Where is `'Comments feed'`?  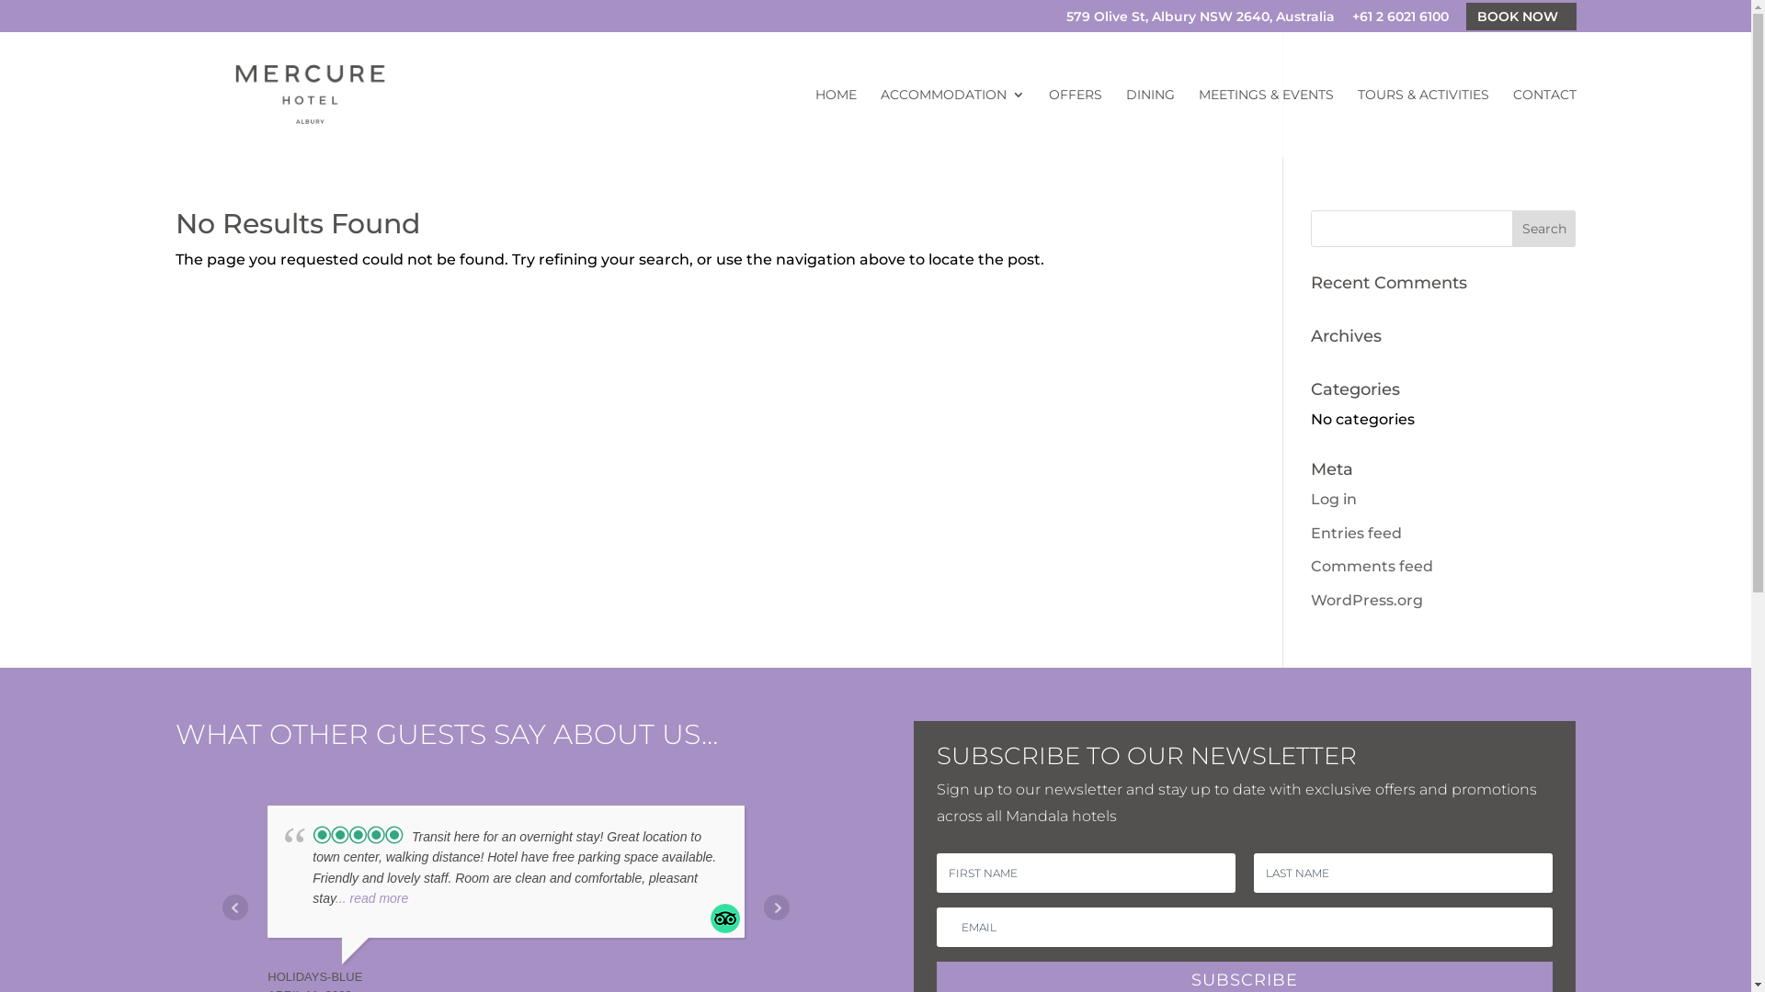 'Comments feed' is located at coordinates (1372, 565).